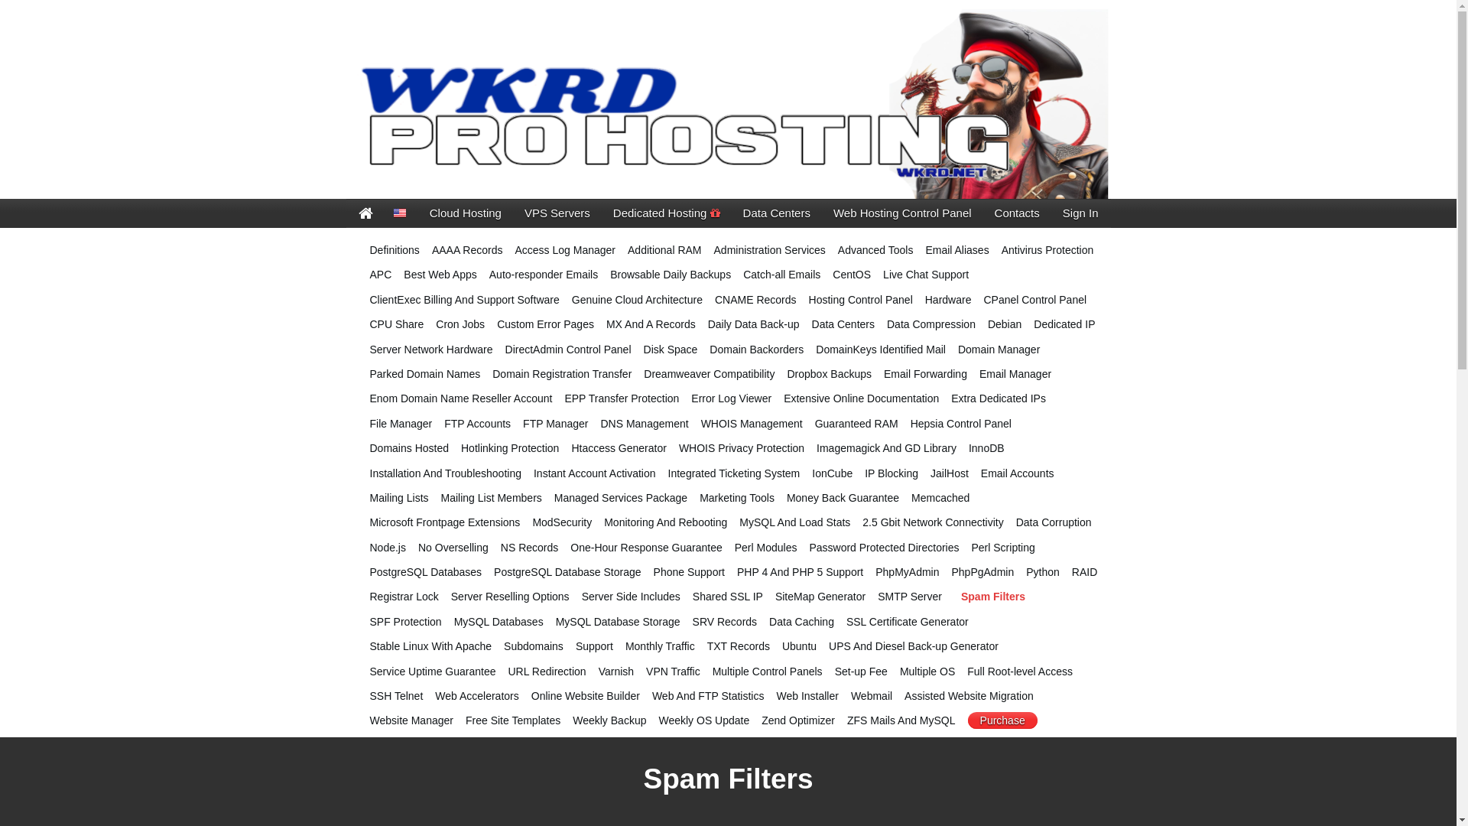 The width and height of the screenshot is (1468, 826). Describe the element at coordinates (593, 472) in the screenshot. I see `'Instant Account Activation'` at that location.